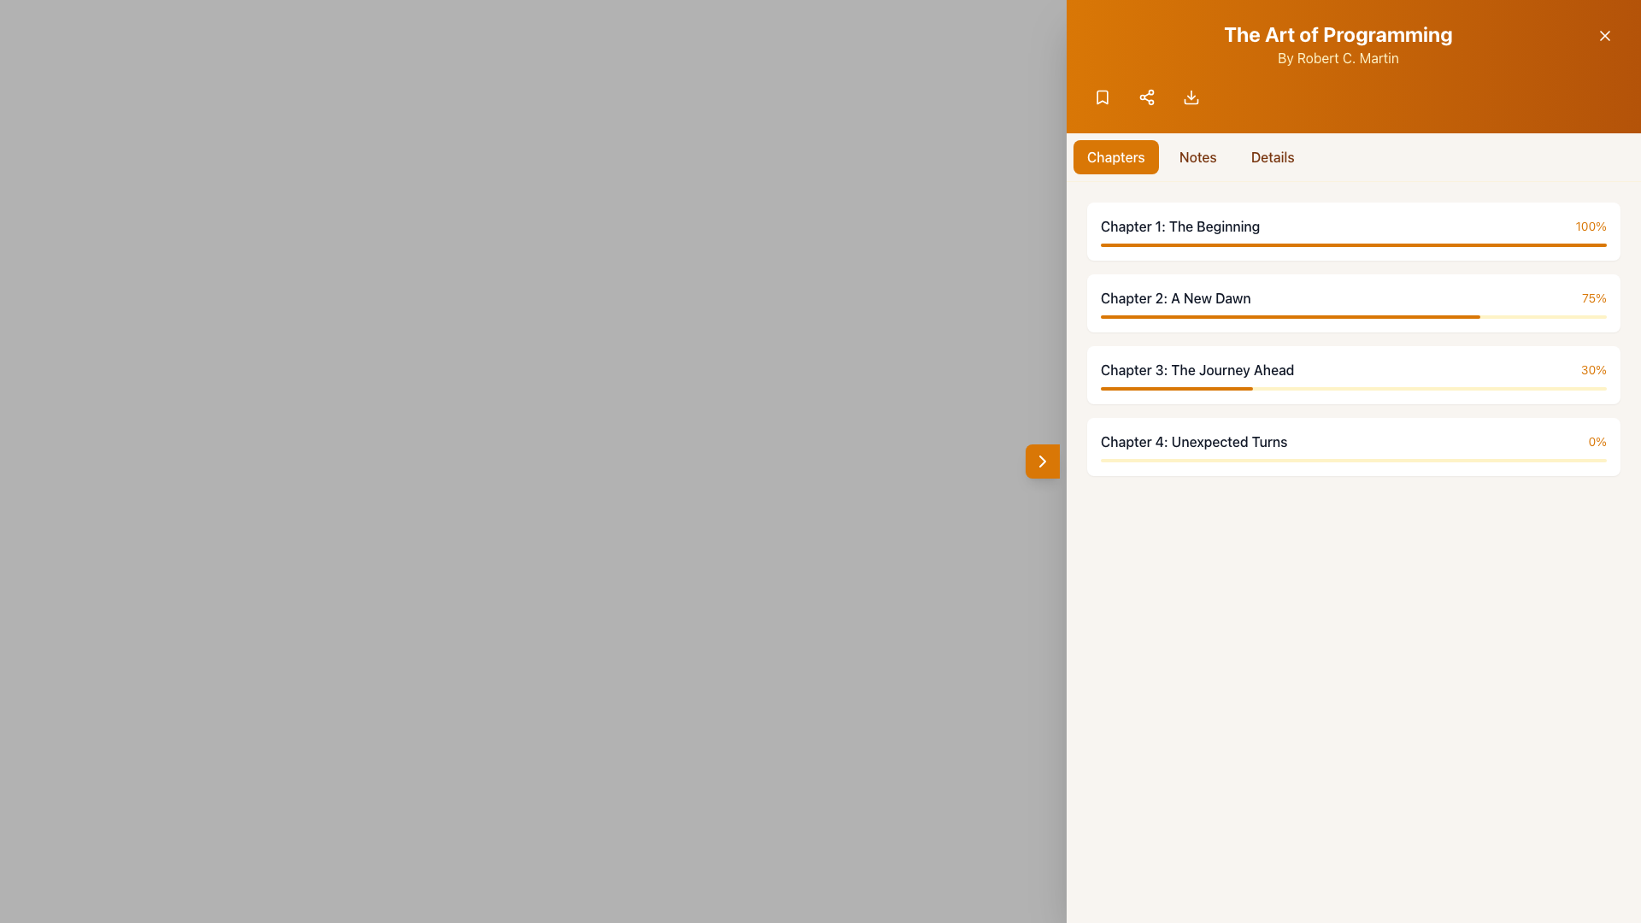  What do you see at coordinates (1175, 389) in the screenshot?
I see `the progress level of the progress bar indicator for 'Chapter 3: The Journey Ahead', which visually indicates the completion percentage of the chapter's progress` at bounding box center [1175, 389].